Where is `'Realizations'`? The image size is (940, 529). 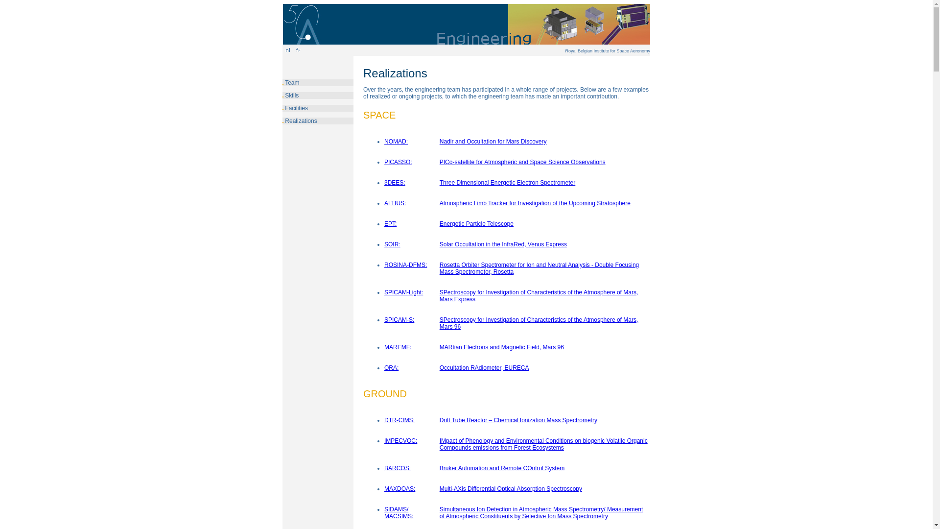 'Realizations' is located at coordinates (300, 120).